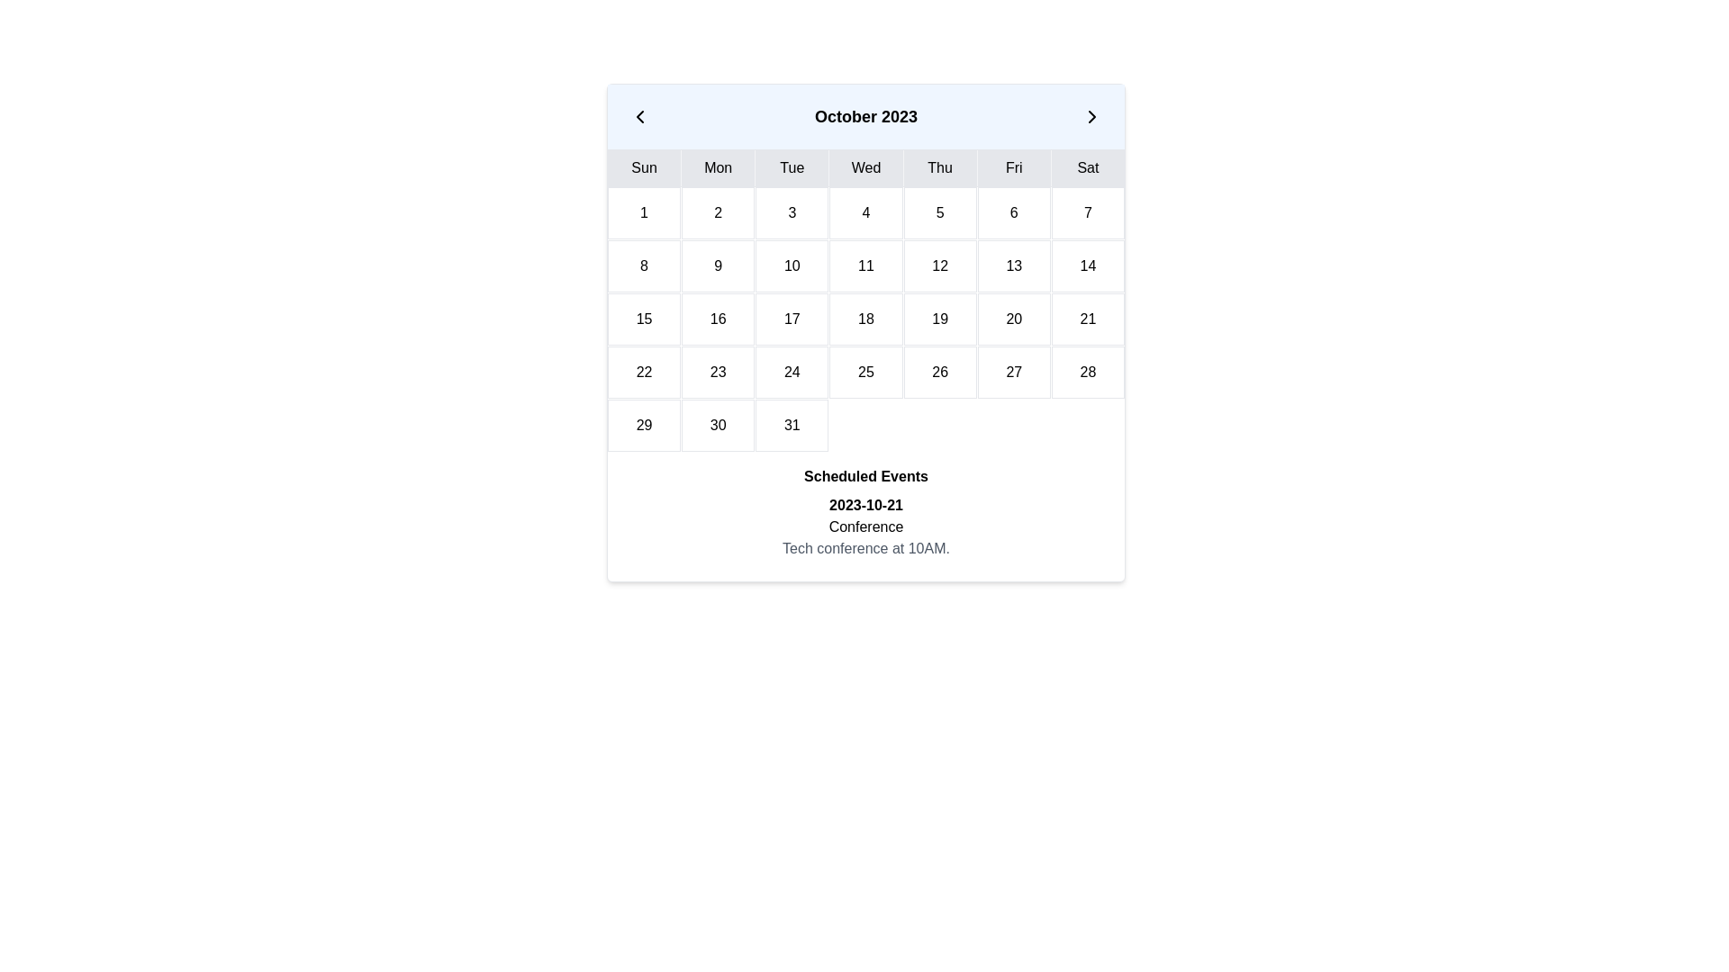 This screenshot has width=1729, height=972. I want to click on the Calendar Date Cell representing the specific day in the grid layout to trigger relevant date-related actions, so click(792, 211).